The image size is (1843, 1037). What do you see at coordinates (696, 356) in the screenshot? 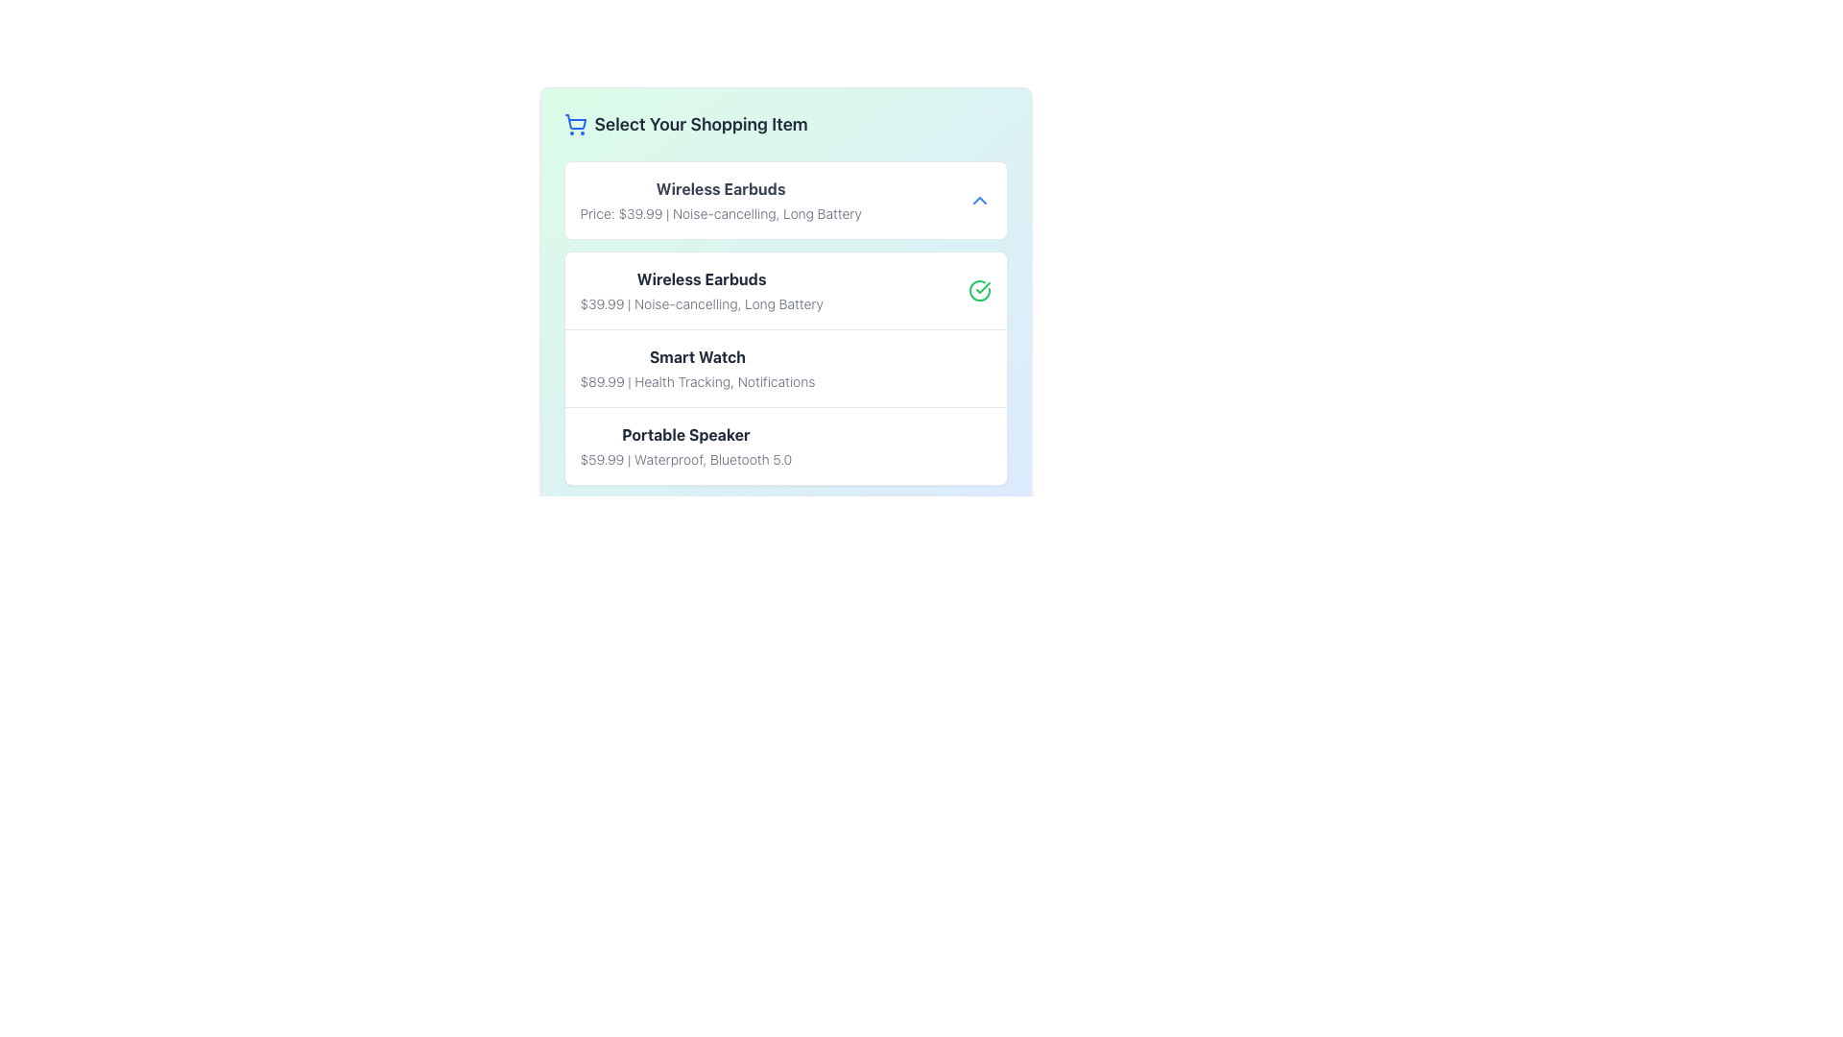
I see `text content of the element displaying 'Smart Watch' in bold dark gray font, located in the middle of the shopping list above the price details` at bounding box center [696, 356].